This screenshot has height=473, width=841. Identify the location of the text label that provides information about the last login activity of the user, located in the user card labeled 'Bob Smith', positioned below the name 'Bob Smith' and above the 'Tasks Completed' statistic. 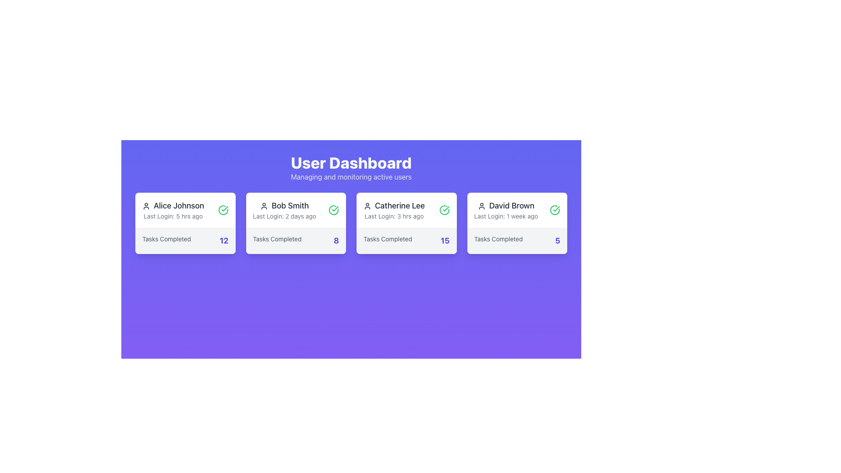
(284, 216).